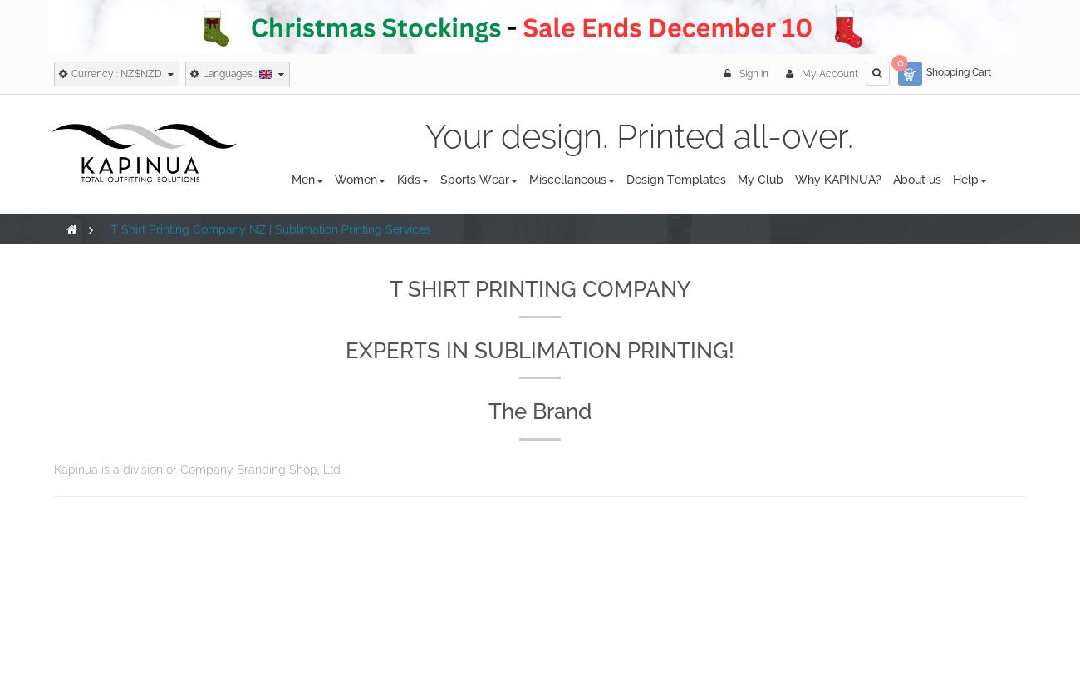  I want to click on 'NZ$NZD', so click(141, 72).